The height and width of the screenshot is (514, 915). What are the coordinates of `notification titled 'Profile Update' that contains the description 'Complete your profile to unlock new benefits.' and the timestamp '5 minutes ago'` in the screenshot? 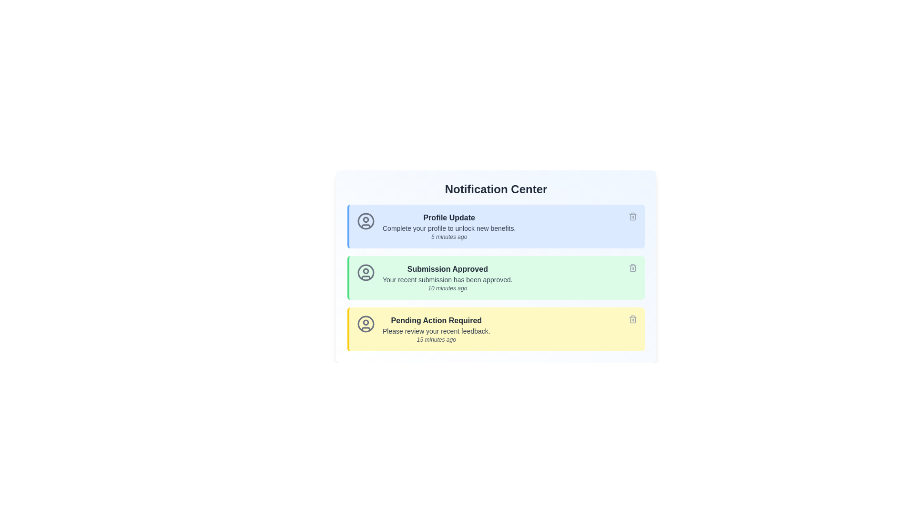 It's located at (448, 226).